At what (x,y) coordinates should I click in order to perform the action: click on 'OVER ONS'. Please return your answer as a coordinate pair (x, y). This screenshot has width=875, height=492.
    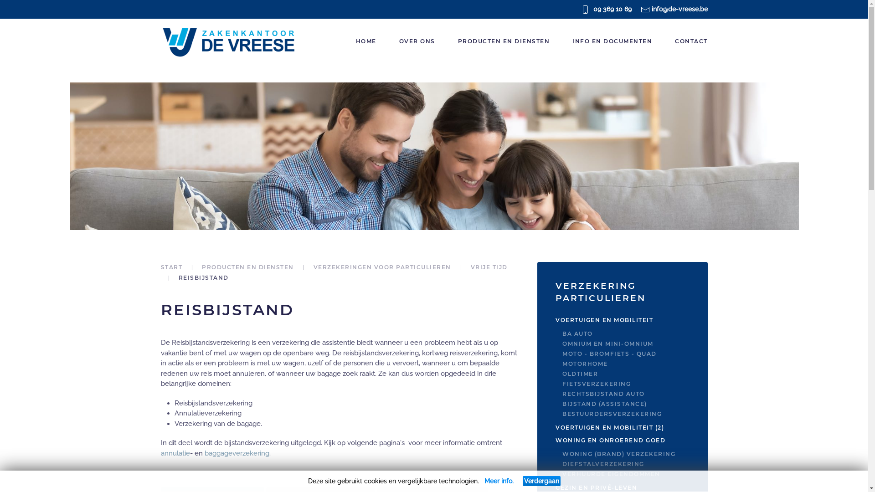
    Looking at the image, I should click on (416, 41).